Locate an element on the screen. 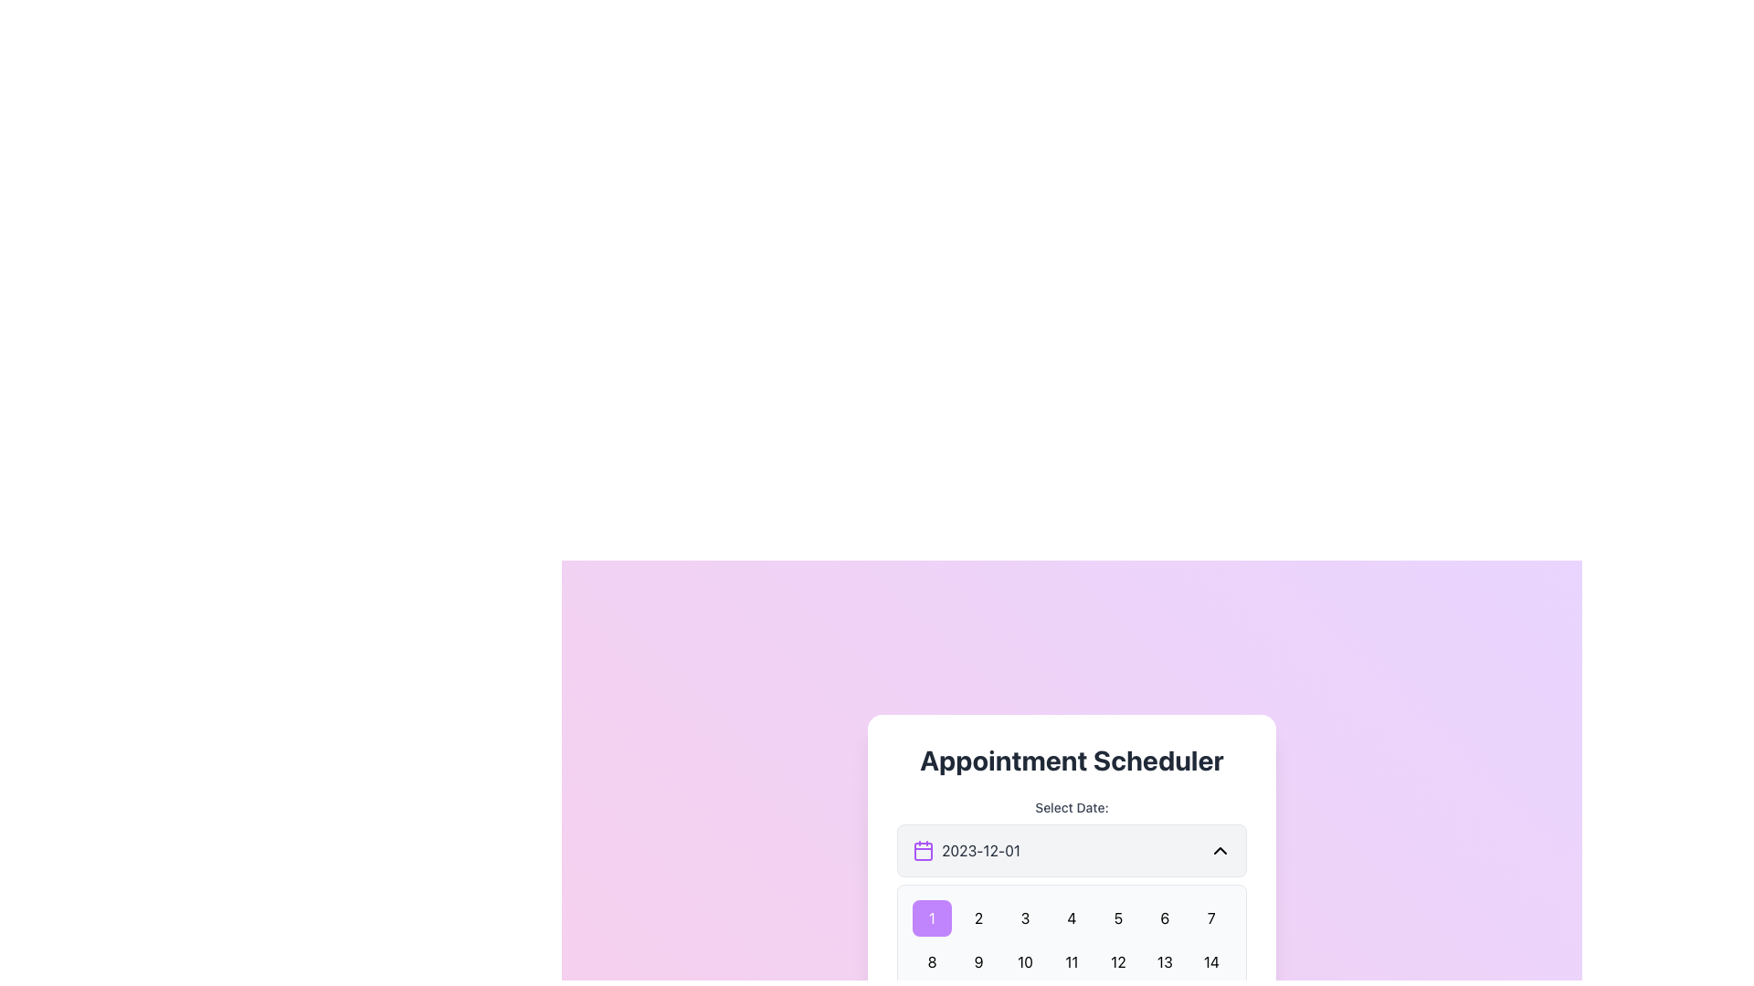  the date selector button for the 8th day of the month located in the second row, first column of the calendar grid under the 'Select Date' section is located at coordinates (931, 960).